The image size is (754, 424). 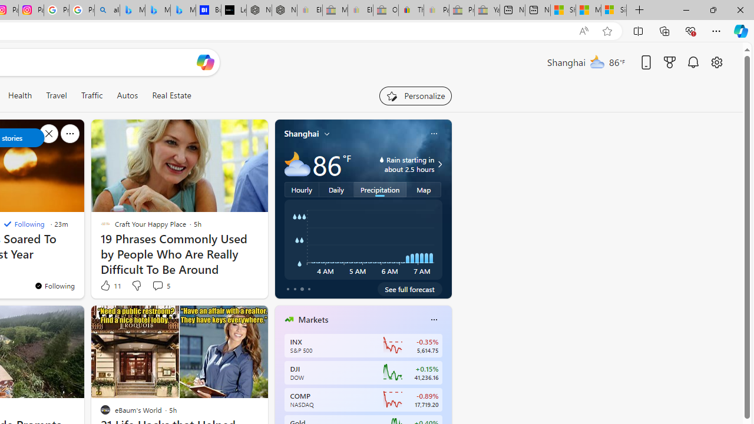 What do you see at coordinates (686, 9) in the screenshot?
I see `'Minimize'` at bounding box center [686, 9].